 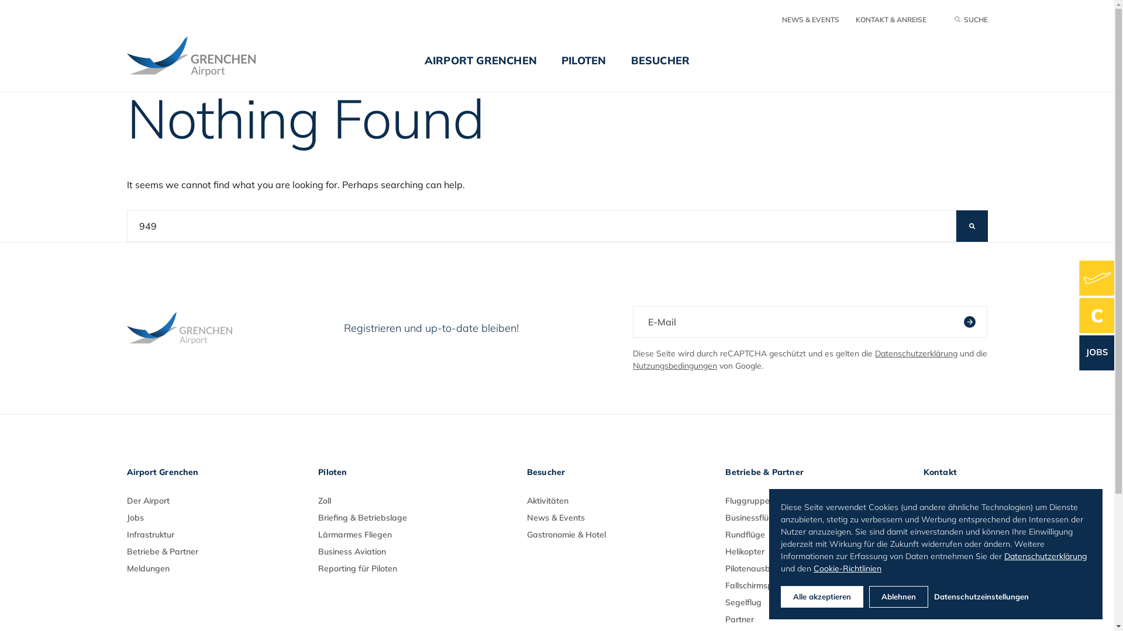 What do you see at coordinates (760, 585) in the screenshot?
I see `'Fallschirmspringer'` at bounding box center [760, 585].